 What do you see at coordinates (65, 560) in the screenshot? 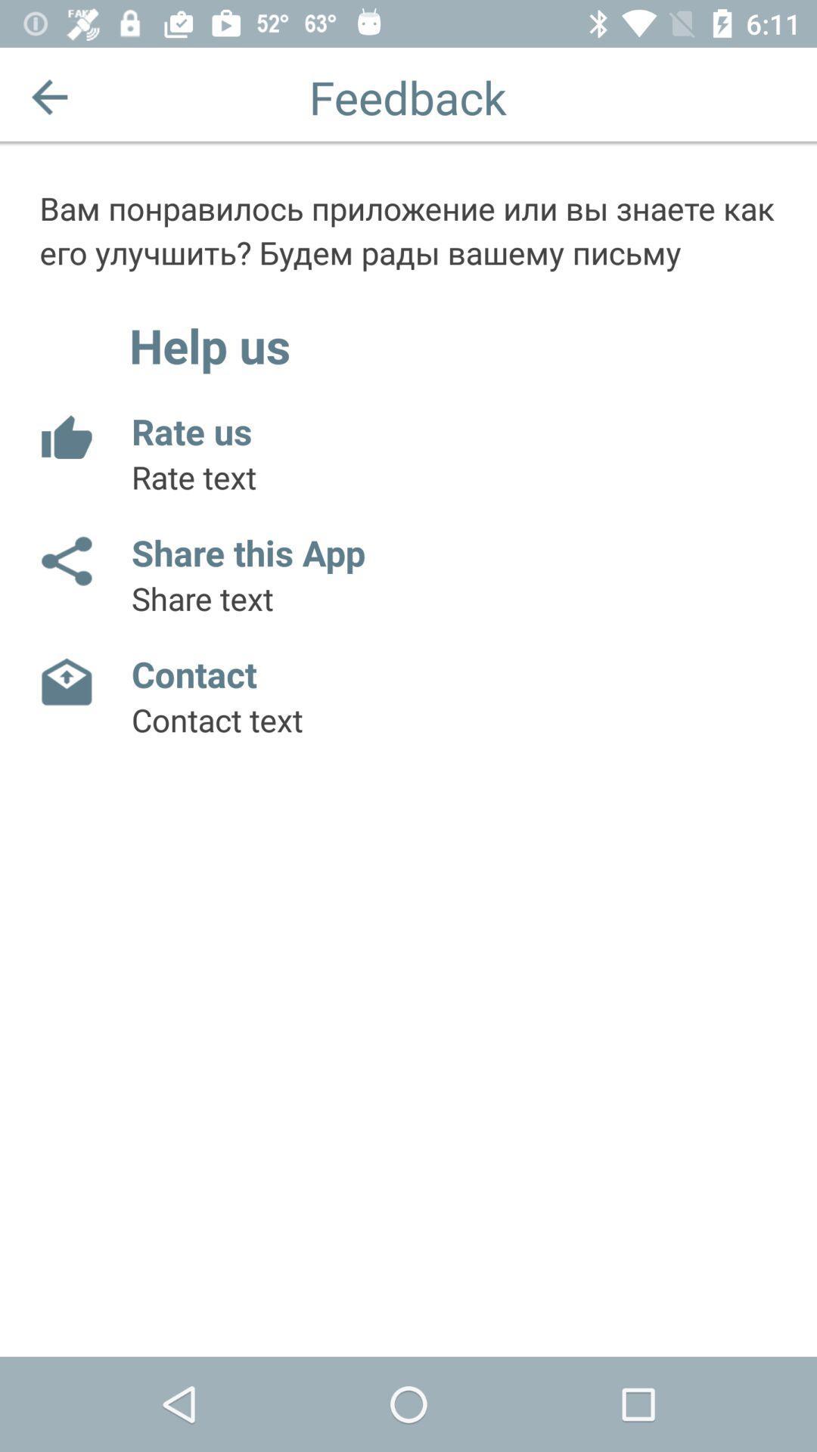
I see `the icon to the left of the share this app icon` at bounding box center [65, 560].